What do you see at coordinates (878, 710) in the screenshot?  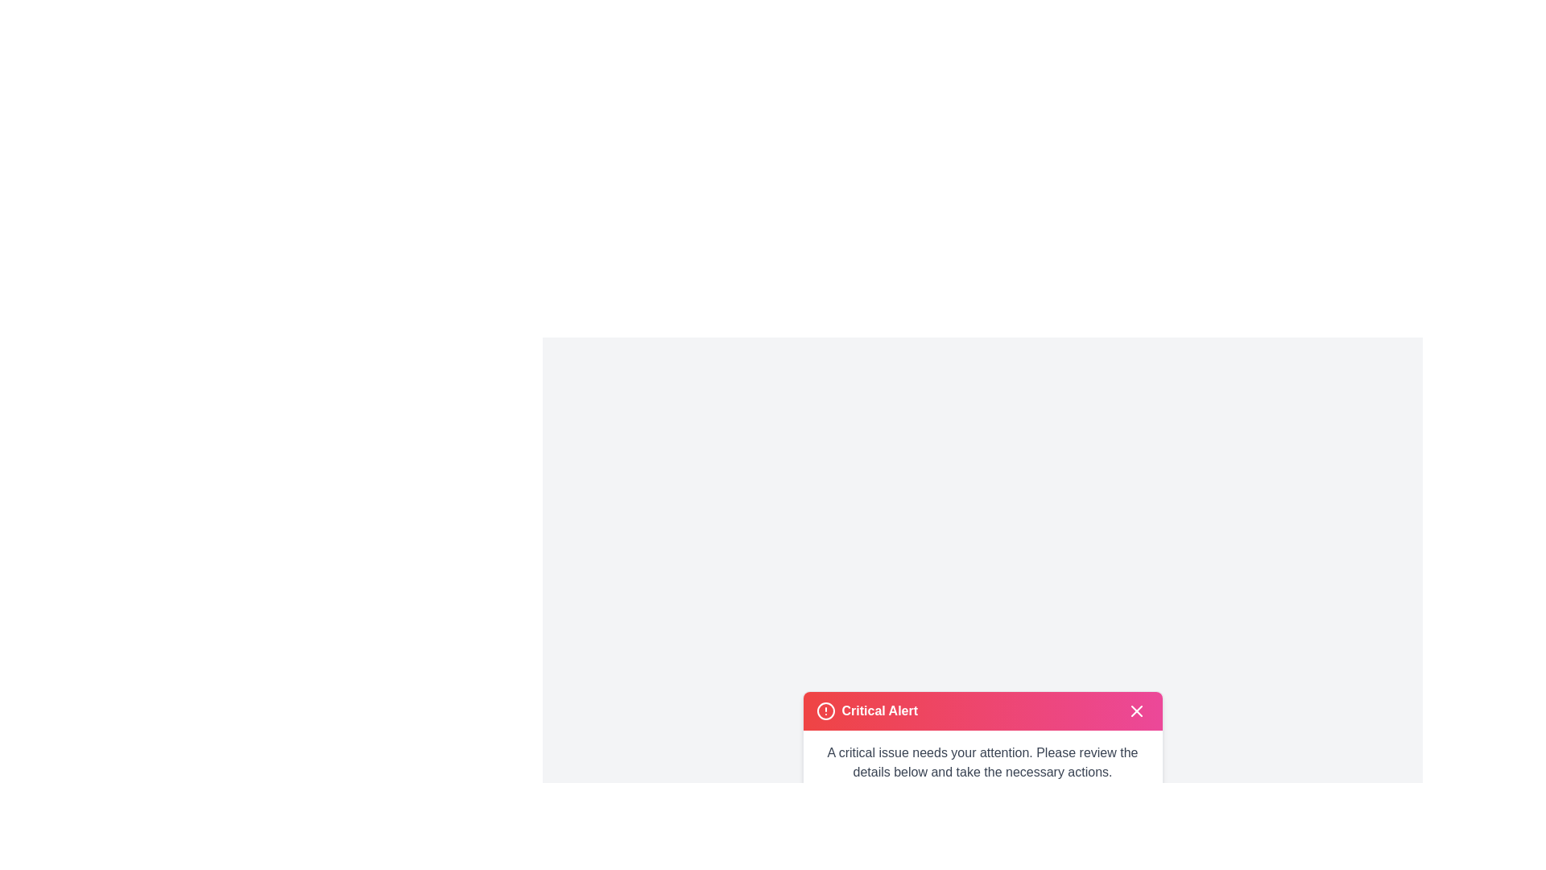 I see `the surrounding notification component which contains the alert title text block, located near the bottom center of the interface` at bounding box center [878, 710].